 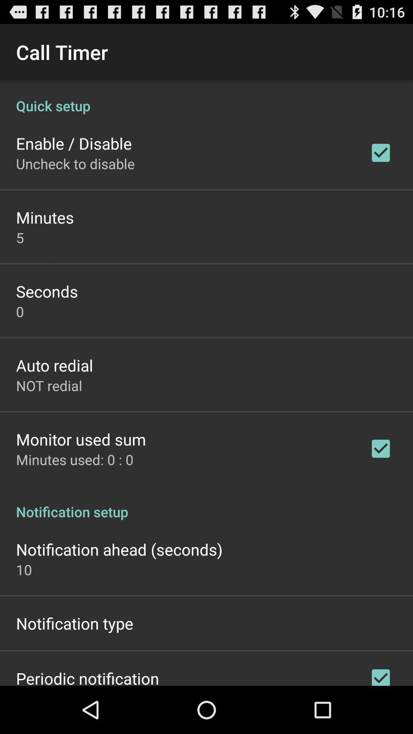 I want to click on the notification setup at the bottom, so click(x=206, y=503).